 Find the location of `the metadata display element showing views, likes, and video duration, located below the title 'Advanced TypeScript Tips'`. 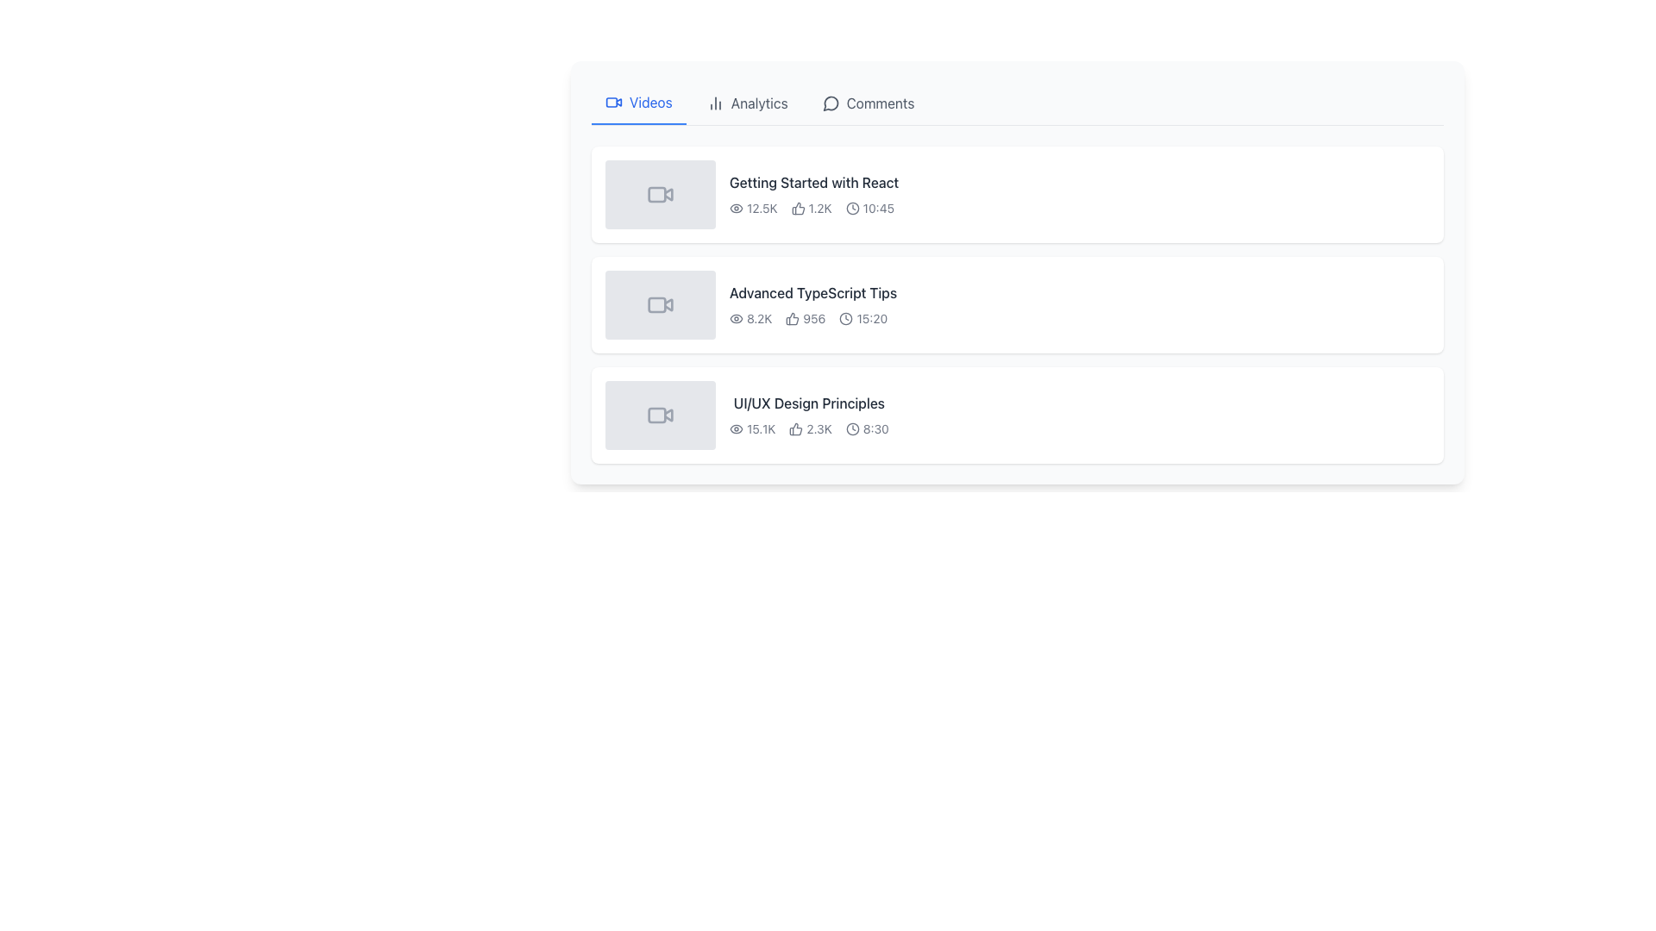

the metadata display element showing views, likes, and video duration, located below the title 'Advanced TypeScript Tips' is located at coordinates (812, 319).